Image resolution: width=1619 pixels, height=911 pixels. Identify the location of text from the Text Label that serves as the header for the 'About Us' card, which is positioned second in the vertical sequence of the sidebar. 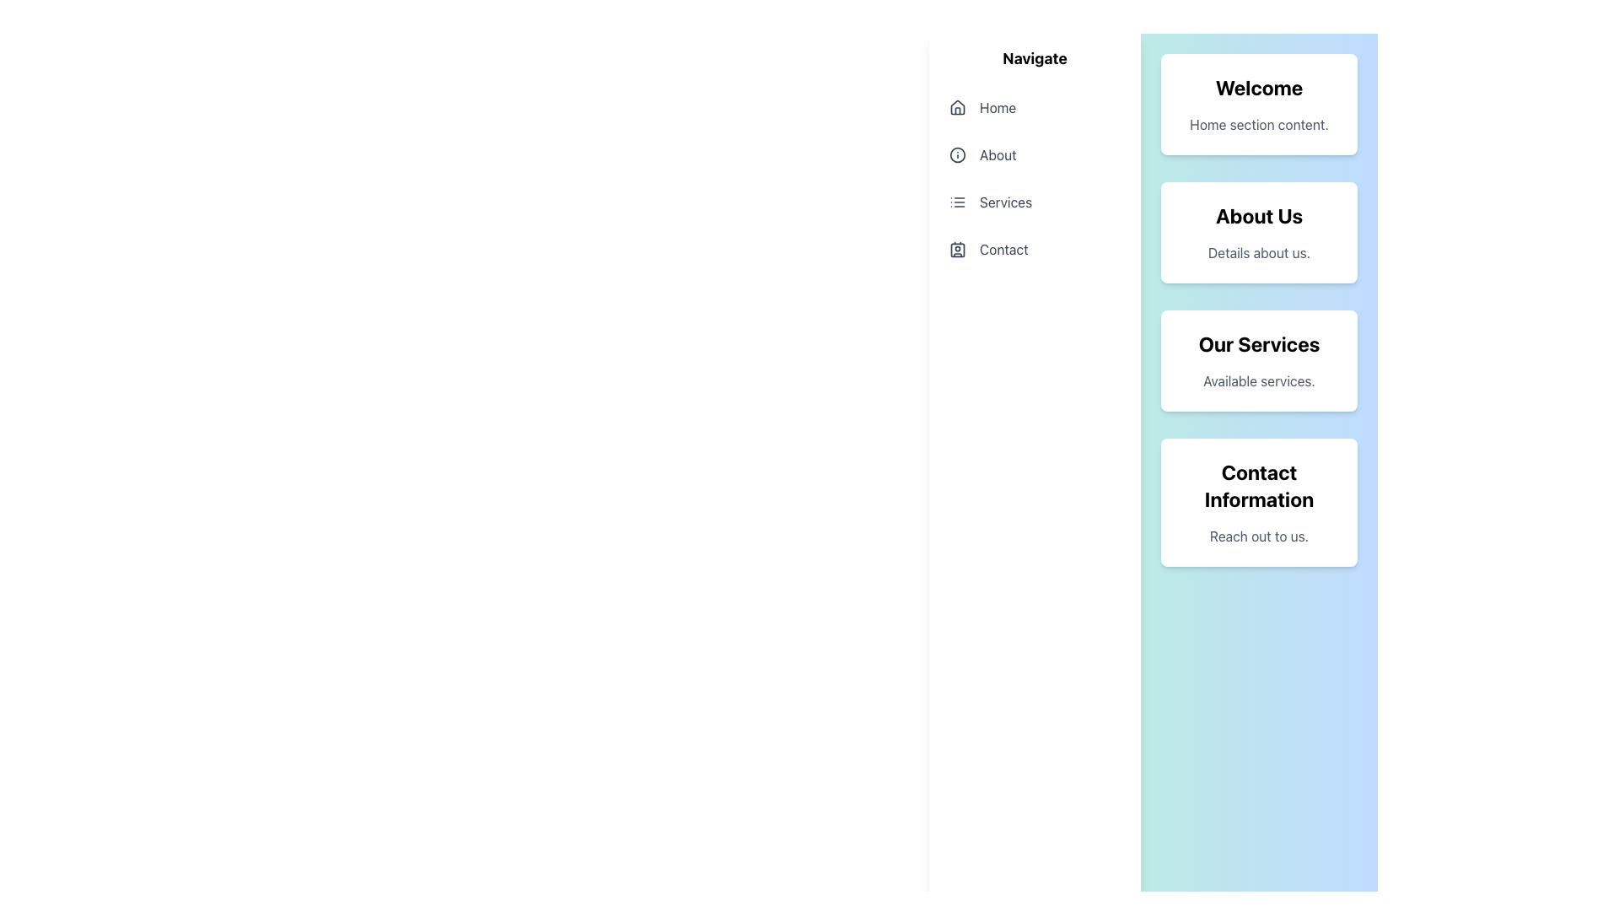
(1259, 214).